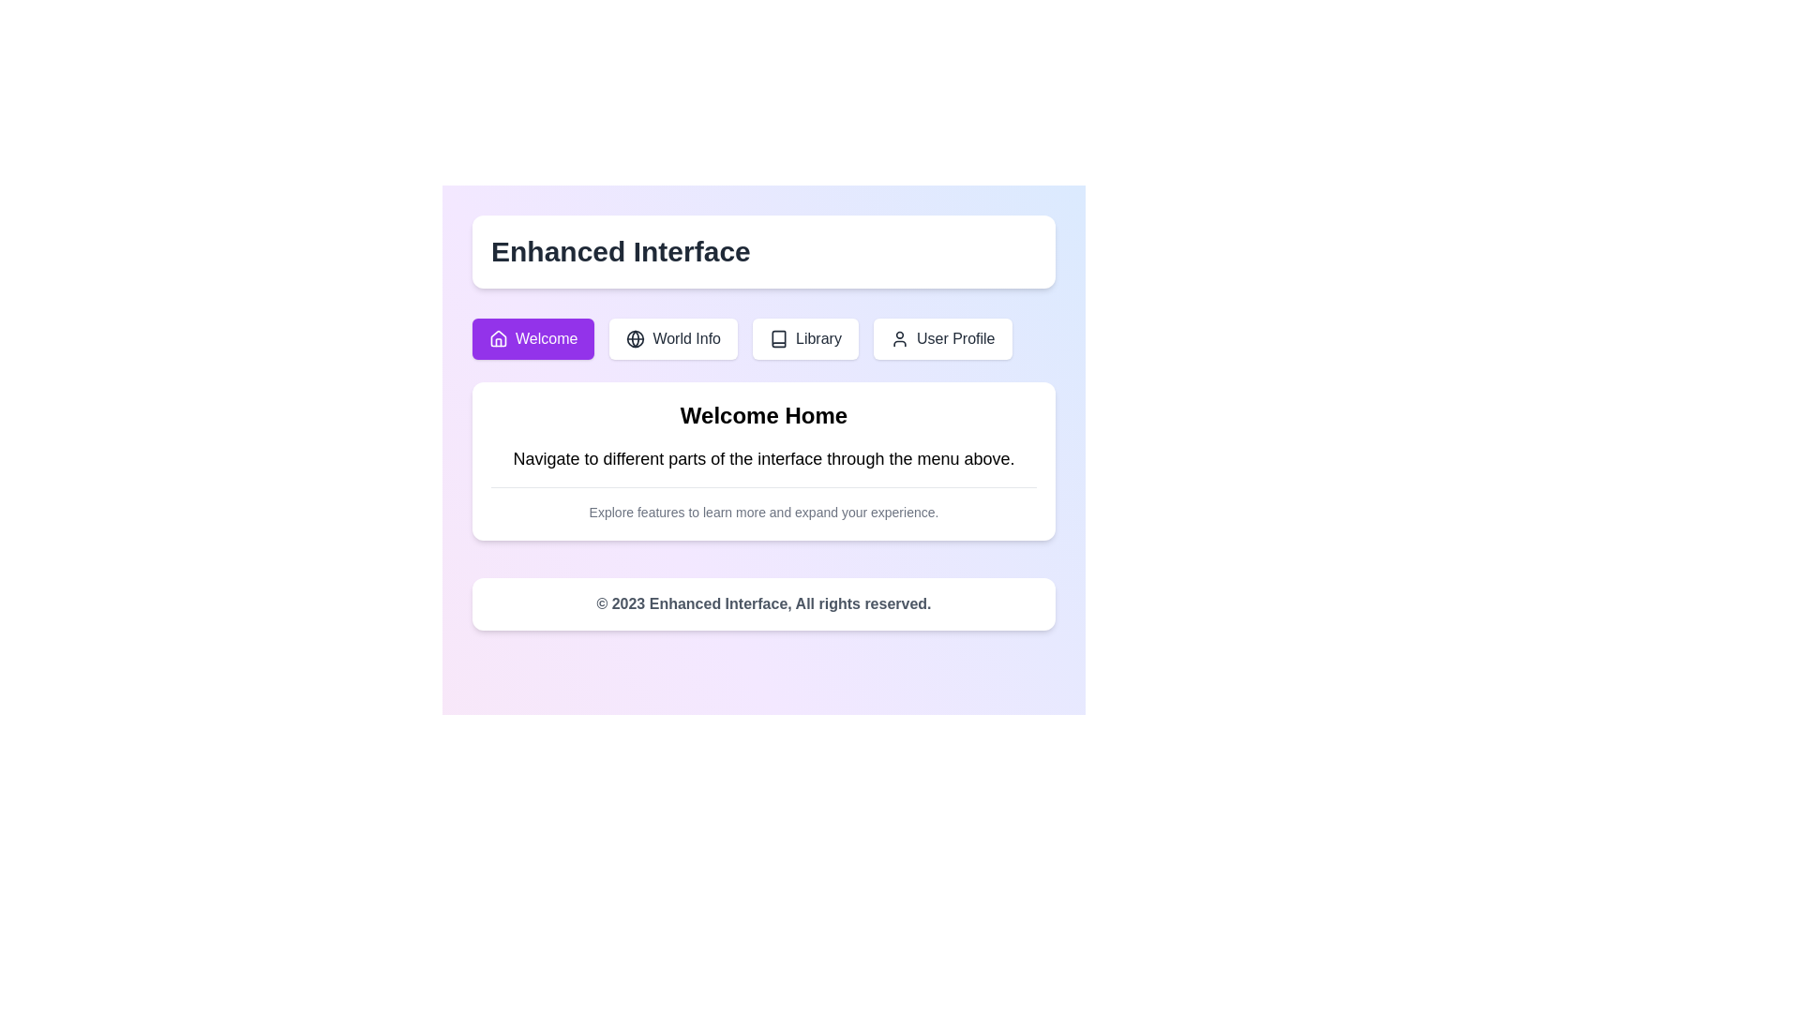  Describe the element at coordinates (942, 338) in the screenshot. I see `the profile navigation button, which is the fourth item in the horizontal navigation bar` at that location.